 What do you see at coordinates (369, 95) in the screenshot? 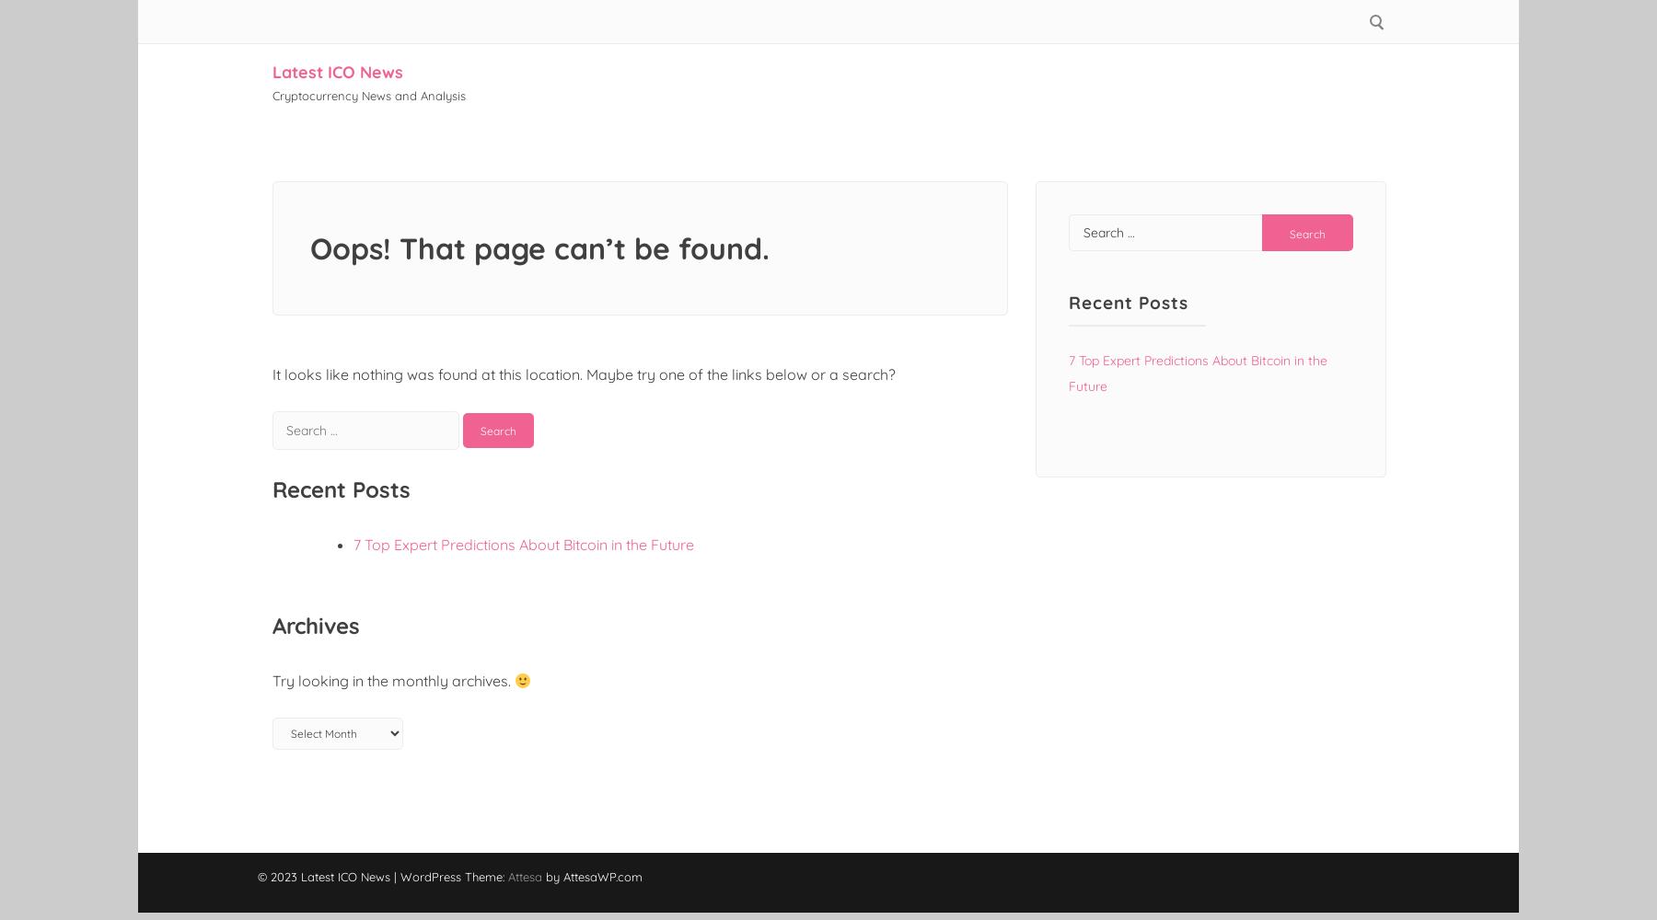
I see `'Cryptocurrency News and Analysis'` at bounding box center [369, 95].